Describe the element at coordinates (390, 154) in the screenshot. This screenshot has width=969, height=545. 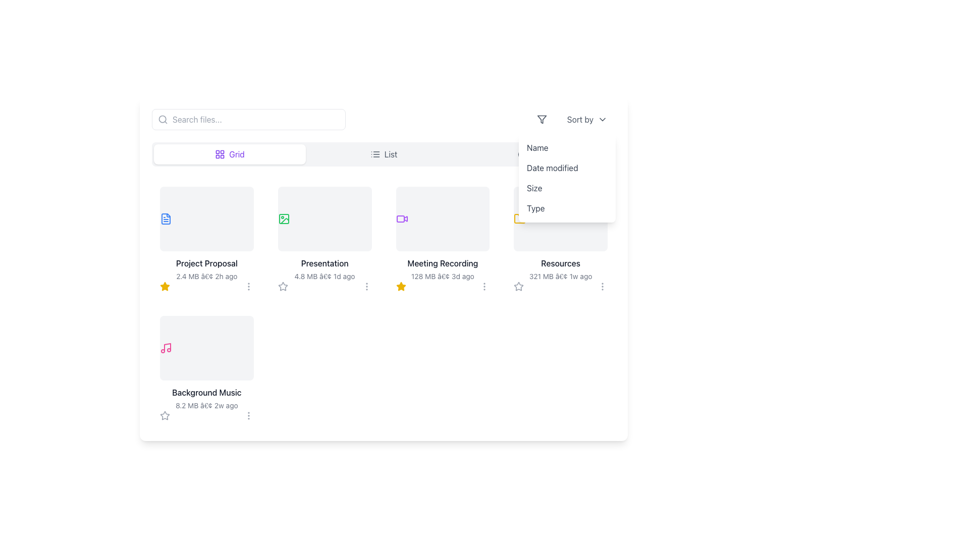
I see `the 'List' text label in the top horizontal bar` at that location.